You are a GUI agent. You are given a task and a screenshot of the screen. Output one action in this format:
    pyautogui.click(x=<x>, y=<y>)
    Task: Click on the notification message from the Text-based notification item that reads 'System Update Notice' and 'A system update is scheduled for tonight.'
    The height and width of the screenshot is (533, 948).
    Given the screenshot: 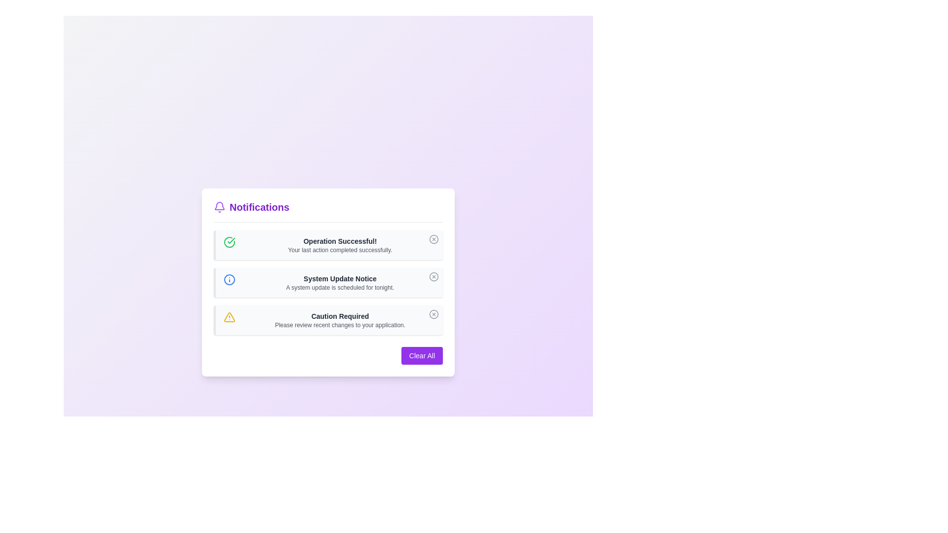 What is the action you would take?
    pyautogui.click(x=340, y=282)
    